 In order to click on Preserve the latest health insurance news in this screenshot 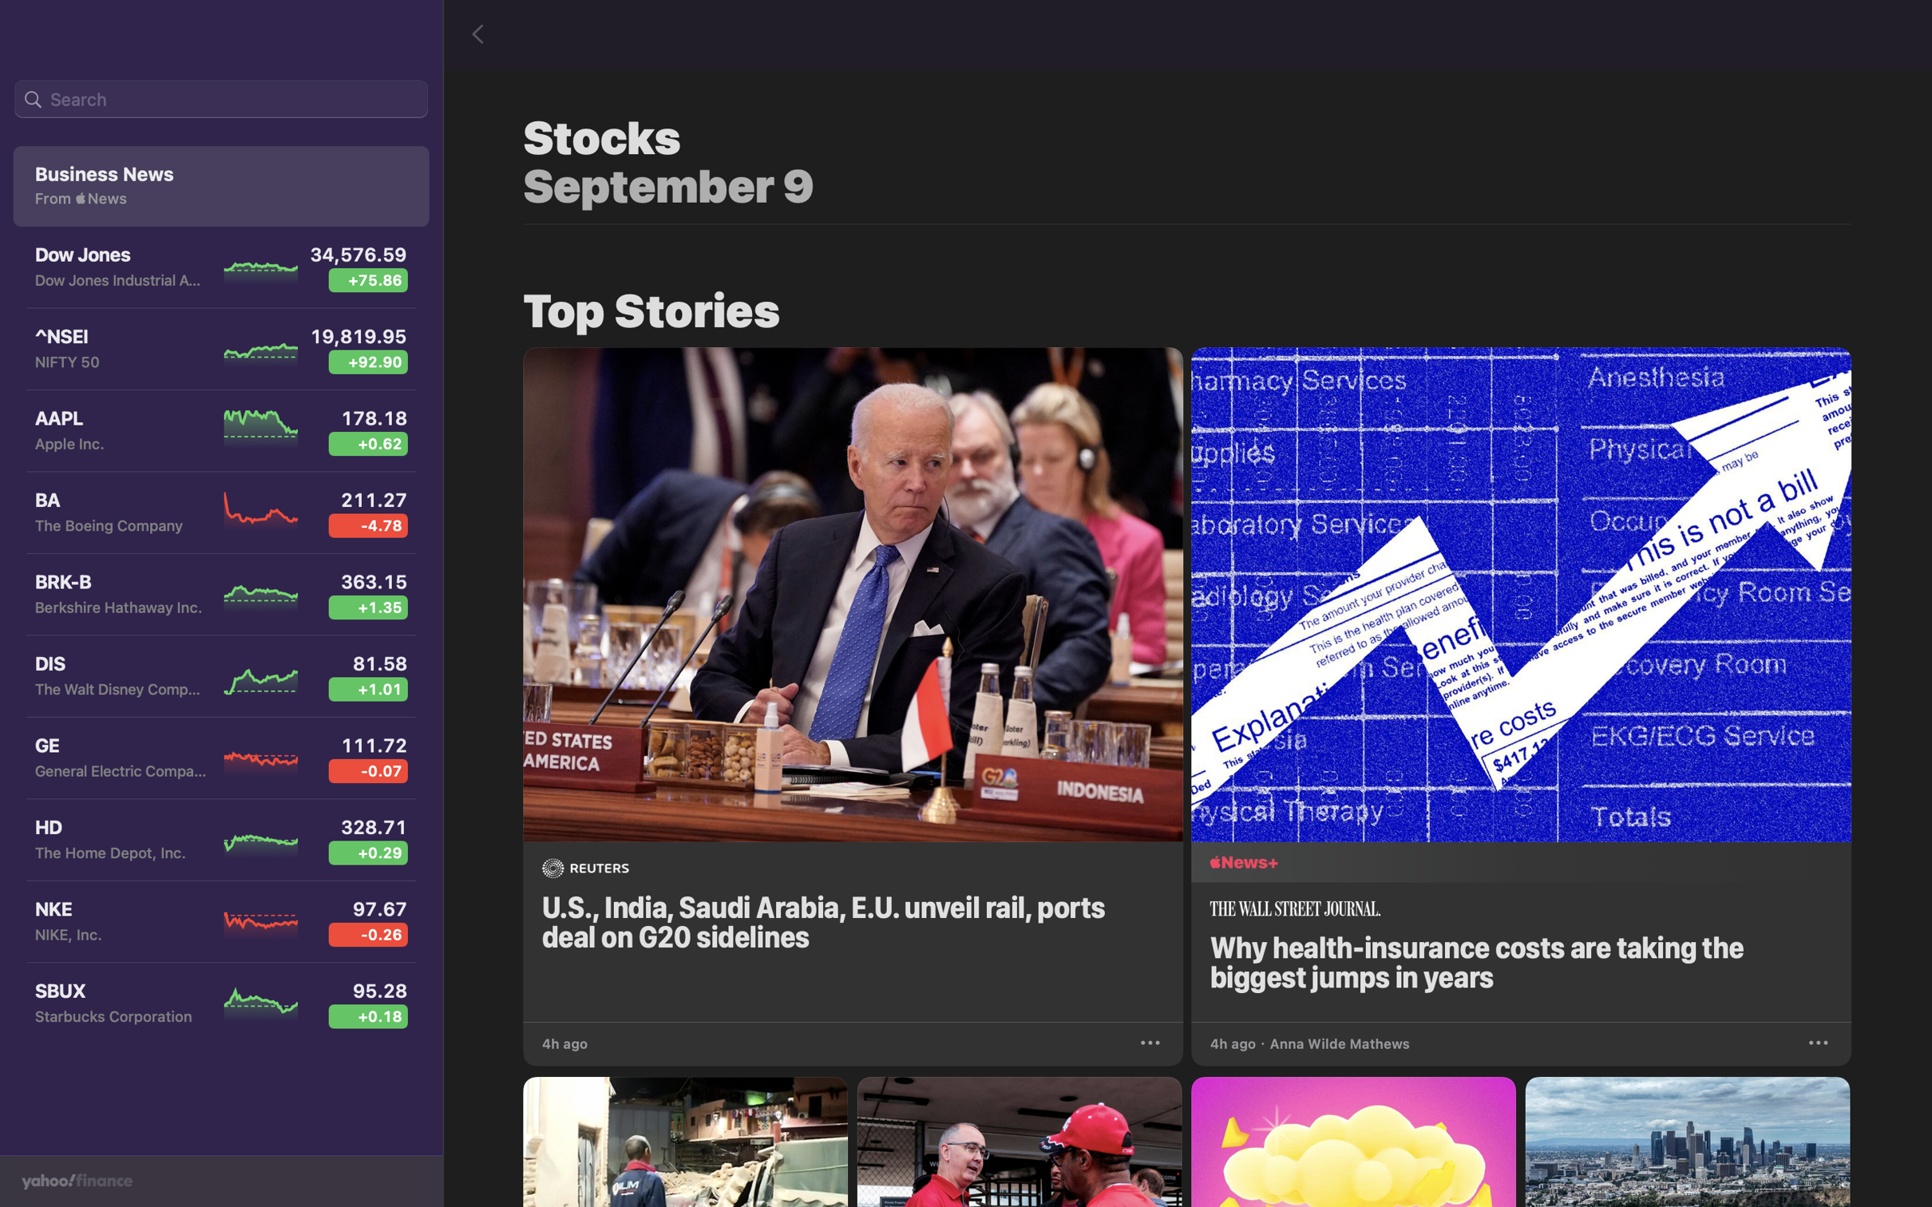, I will do `click(1816, 1042)`.